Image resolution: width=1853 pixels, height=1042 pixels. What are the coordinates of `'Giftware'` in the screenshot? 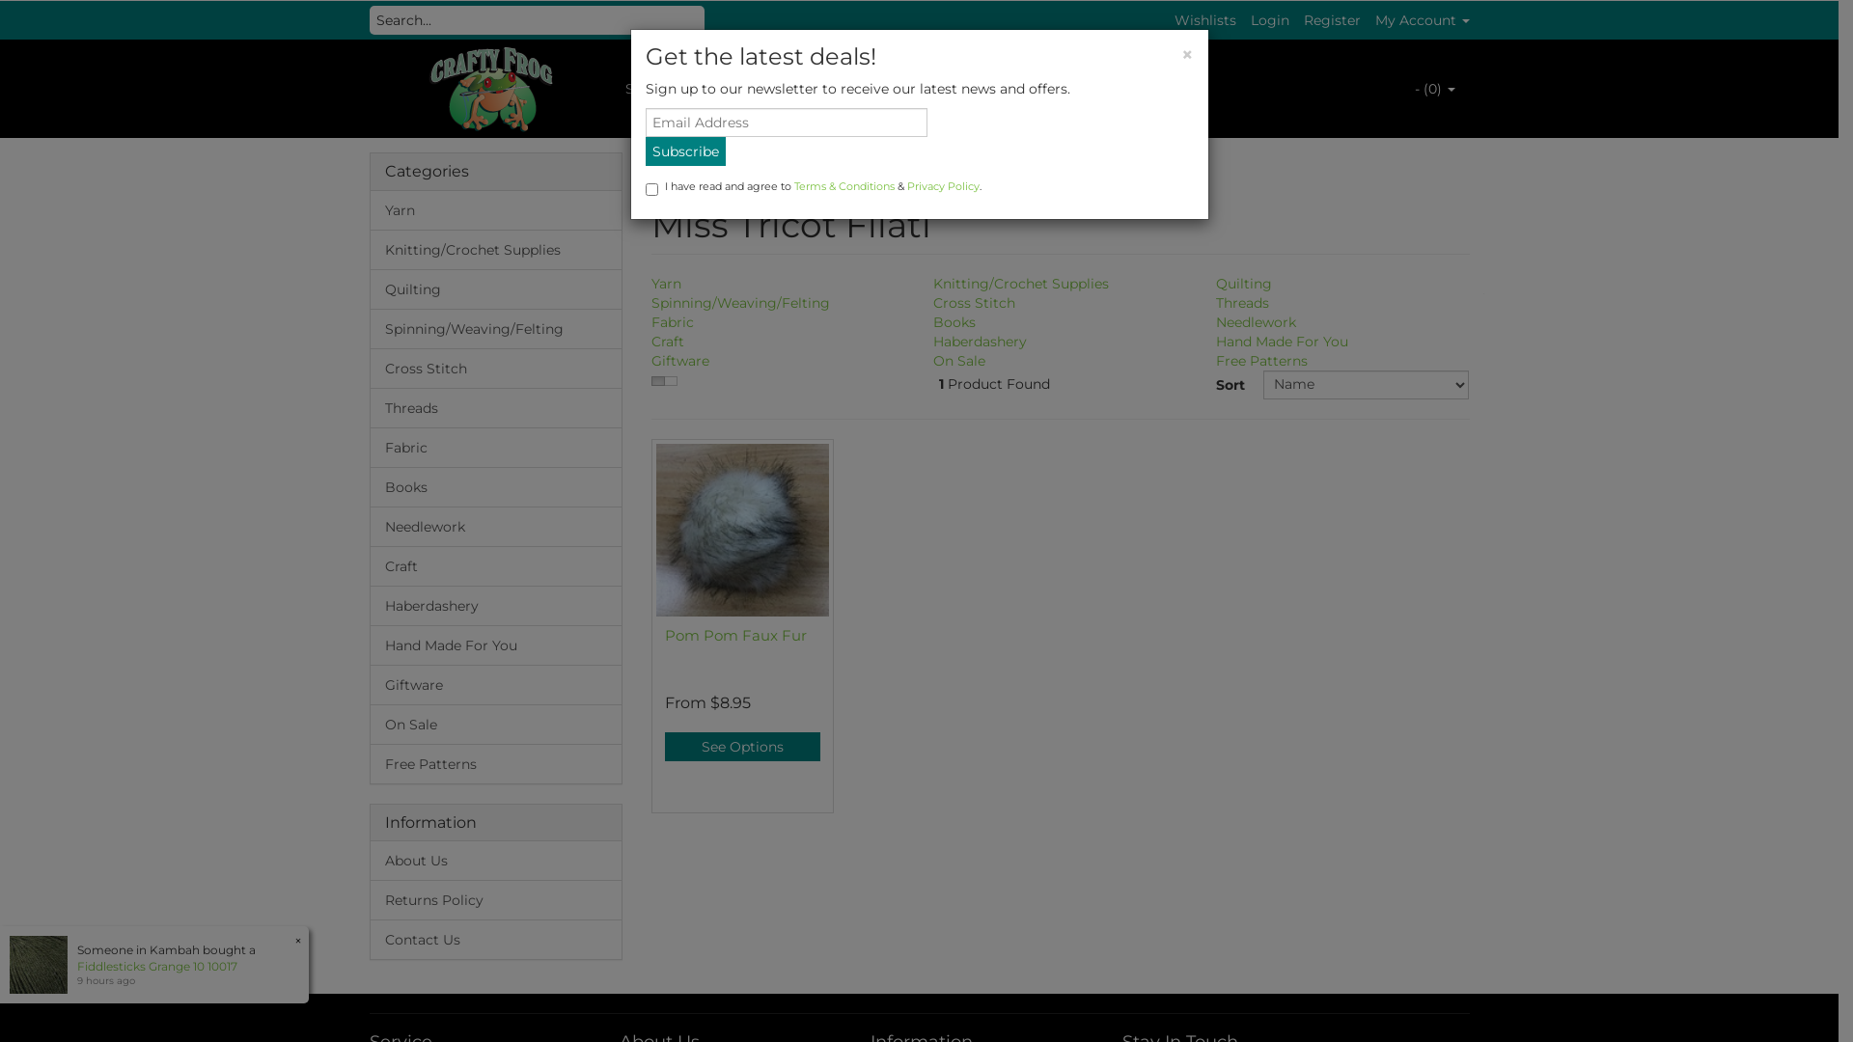 It's located at (680, 361).